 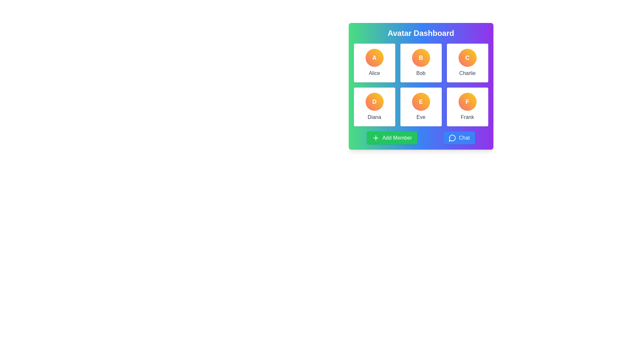 What do you see at coordinates (459, 138) in the screenshot?
I see `the 'Chat' button, which is the second button in a horizontal row at the bottom of the dashboard, located to the right of the 'Add Member' button` at bounding box center [459, 138].